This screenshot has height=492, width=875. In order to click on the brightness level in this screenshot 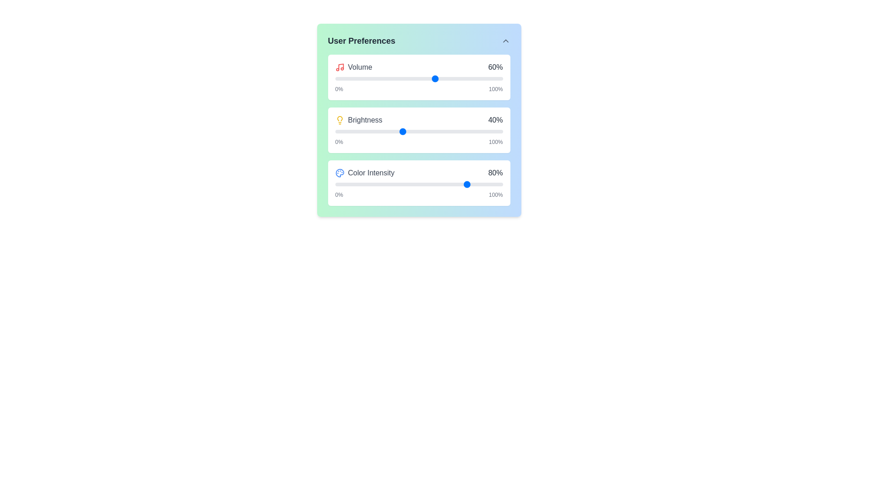, I will do `click(355, 132)`.